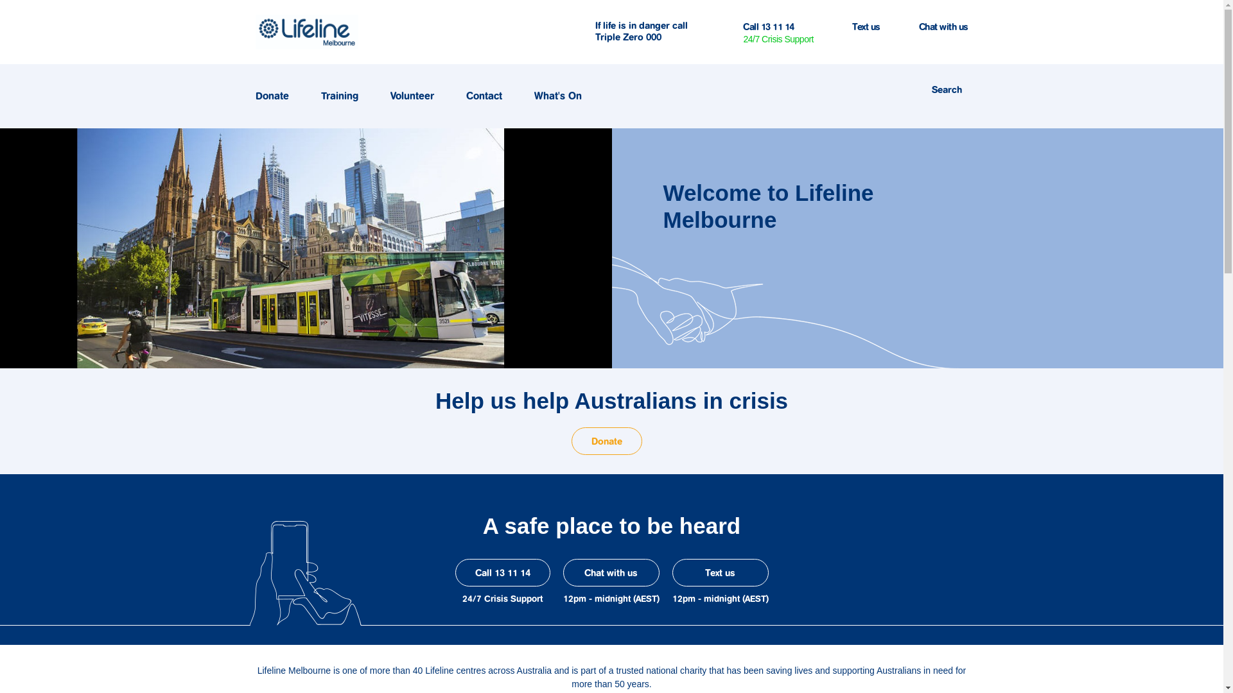 This screenshot has width=1233, height=693. Describe the element at coordinates (866, 28) in the screenshot. I see `'Text us'` at that location.